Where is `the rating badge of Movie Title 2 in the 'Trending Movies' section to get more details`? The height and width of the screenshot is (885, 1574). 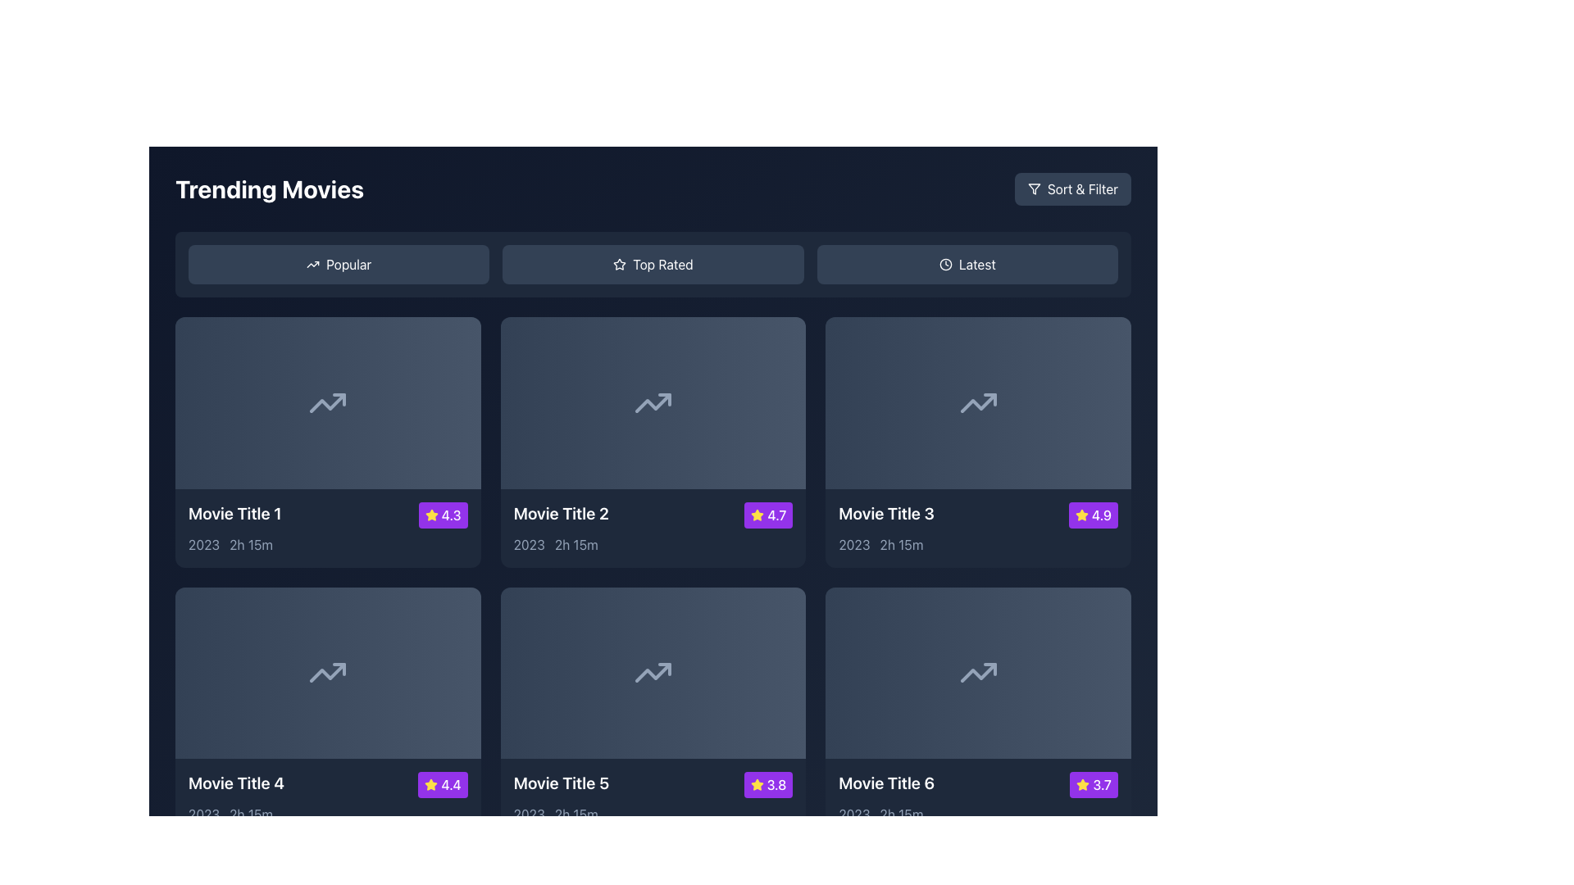
the rating badge of Movie Title 2 in the 'Trending Movies' section to get more details is located at coordinates (757, 514).